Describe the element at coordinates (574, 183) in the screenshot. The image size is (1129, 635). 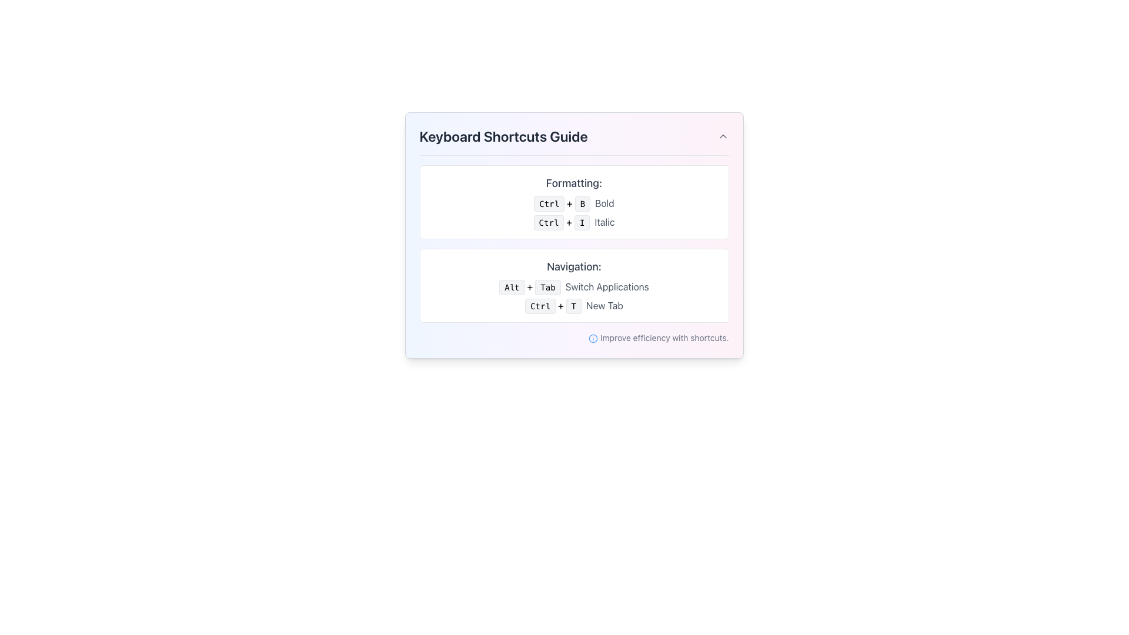
I see `the Static Text element that serves as a header for text formatting shortcuts, located above the list starting with 'Ctrl+B Bold'` at that location.